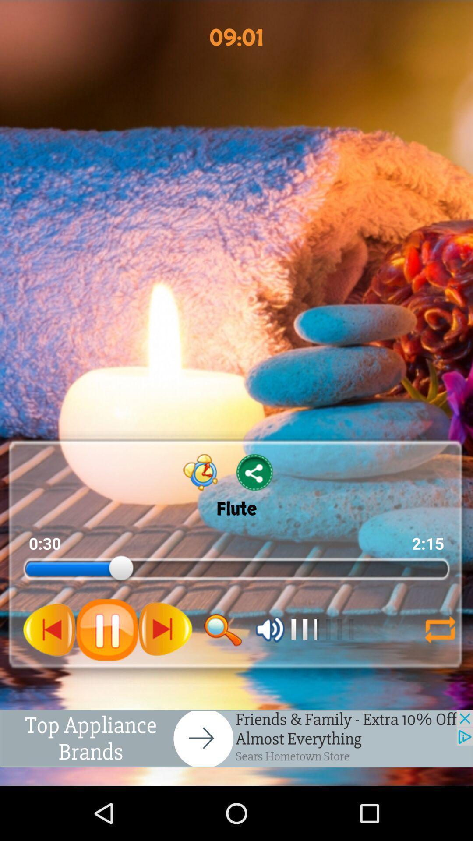 This screenshot has height=841, width=473. I want to click on shuffle, so click(440, 629).